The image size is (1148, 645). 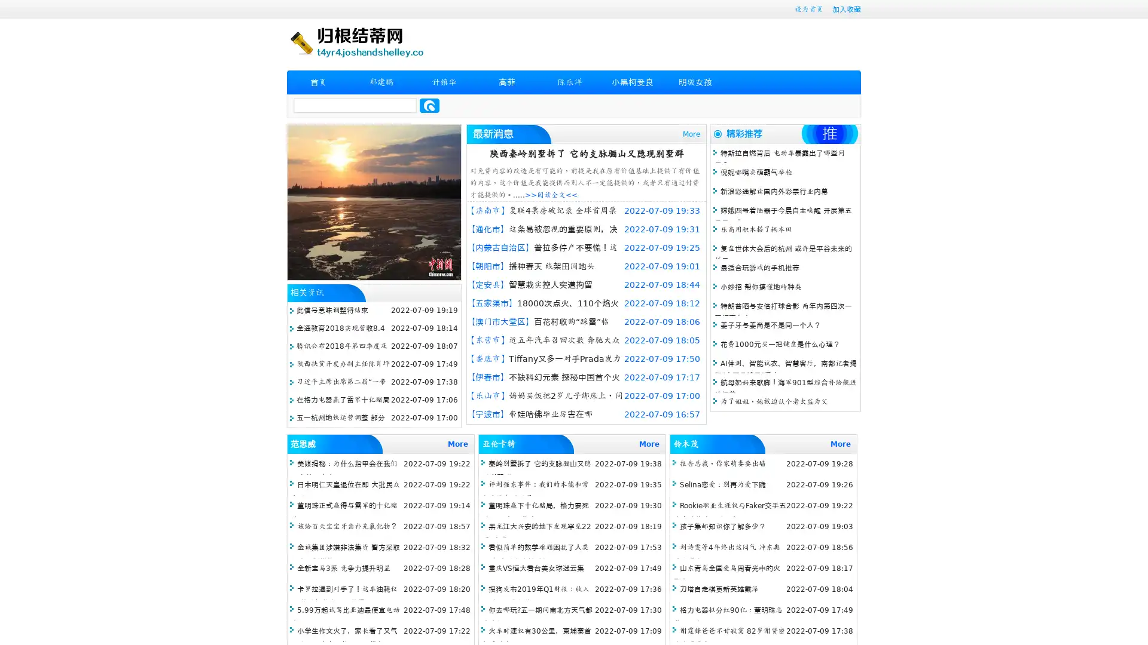 I want to click on Search, so click(x=429, y=105).